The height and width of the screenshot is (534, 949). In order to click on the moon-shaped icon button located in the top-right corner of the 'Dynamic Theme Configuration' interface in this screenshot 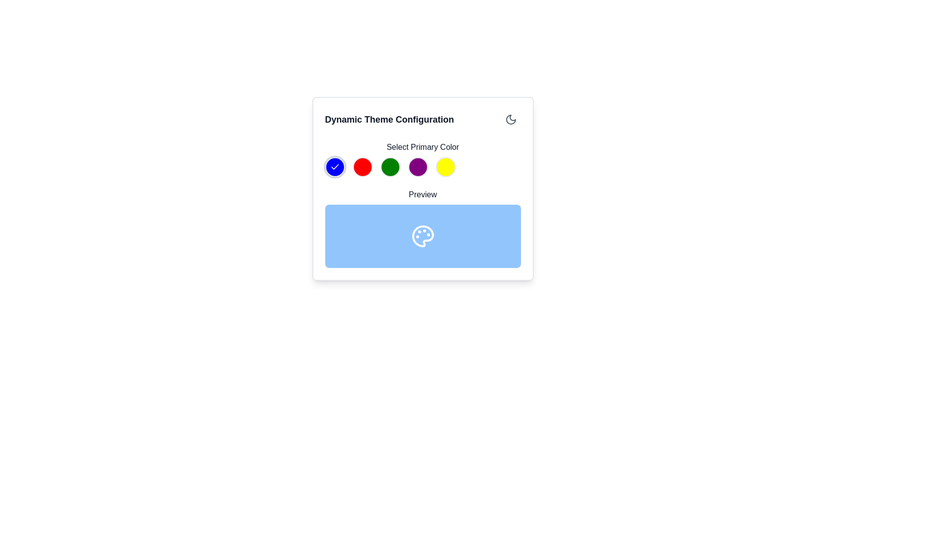, I will do `click(511, 119)`.